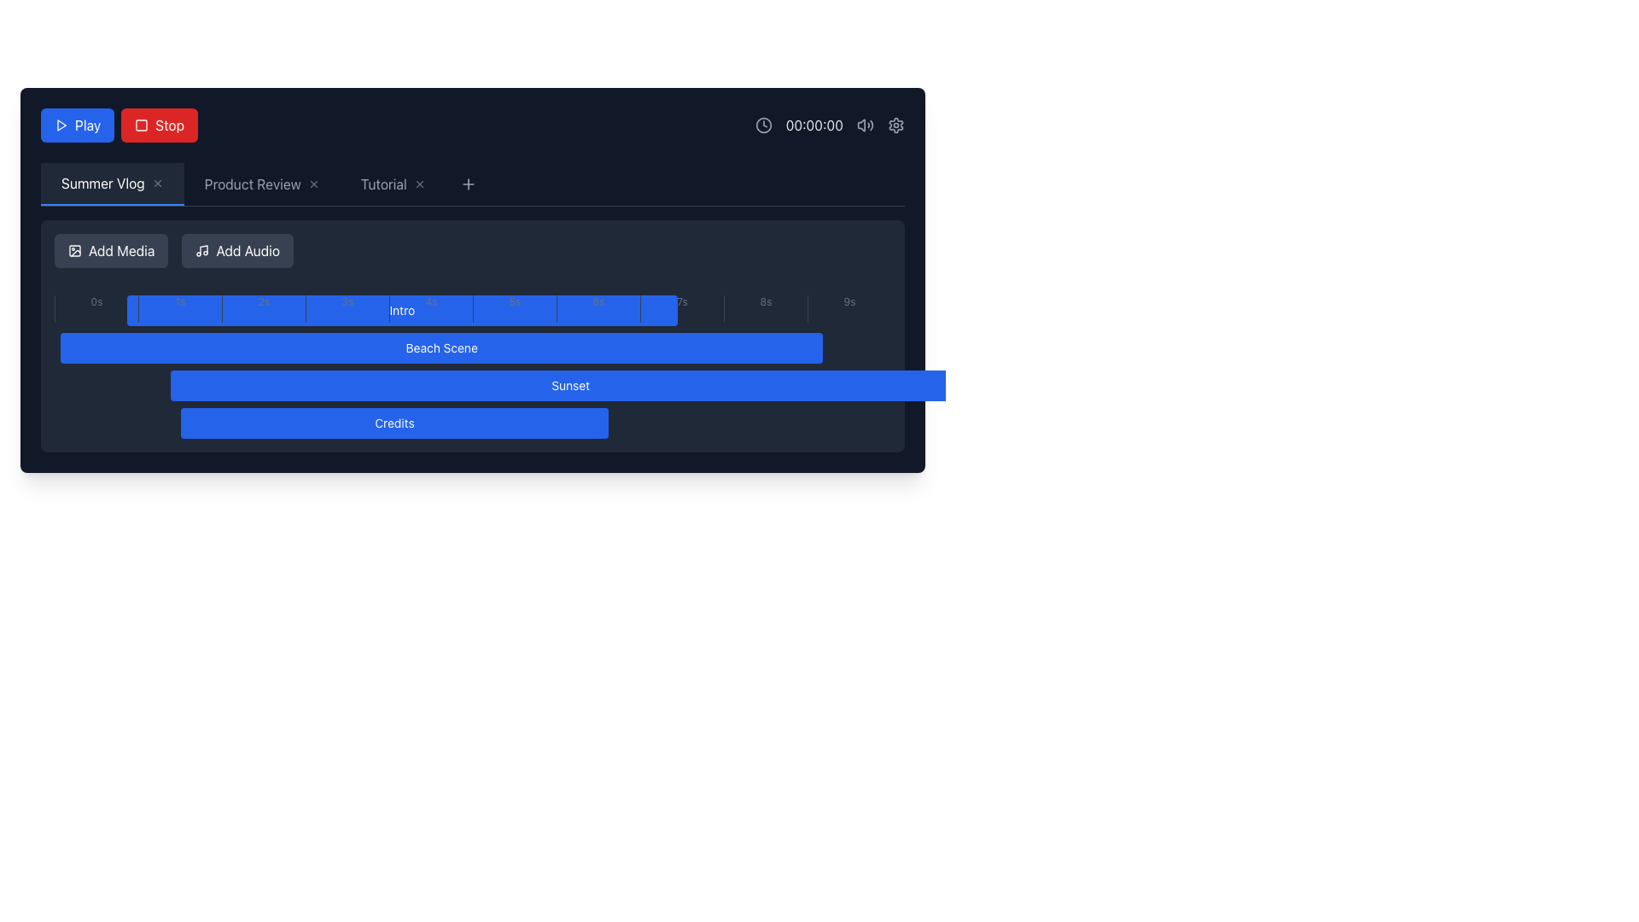  Describe the element at coordinates (73, 250) in the screenshot. I see `the 'Add Media' icon located within the 'Add Media' button on the left side of the toolbar above the timeline` at that location.